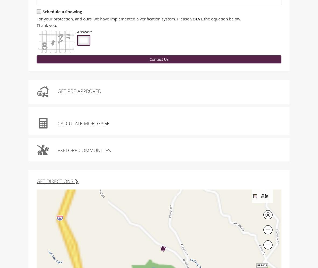 Image resolution: width=318 pixels, height=268 pixels. Describe the element at coordinates (221, 19) in the screenshot. I see `'the equation below.'` at that location.